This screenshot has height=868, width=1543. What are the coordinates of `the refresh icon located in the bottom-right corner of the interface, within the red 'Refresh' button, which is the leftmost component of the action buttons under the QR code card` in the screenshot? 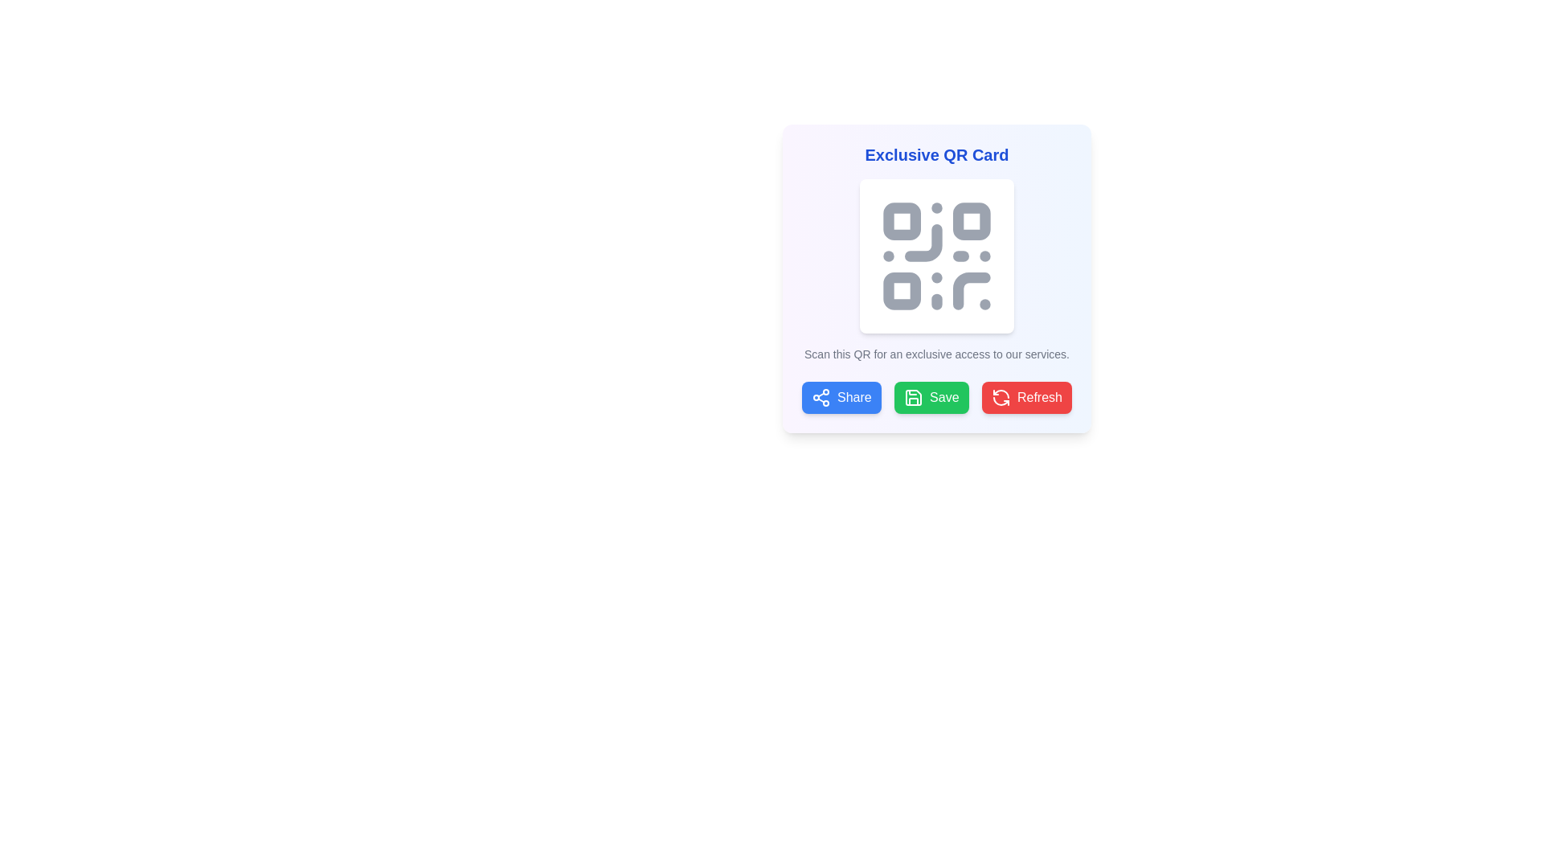 It's located at (1000, 397).